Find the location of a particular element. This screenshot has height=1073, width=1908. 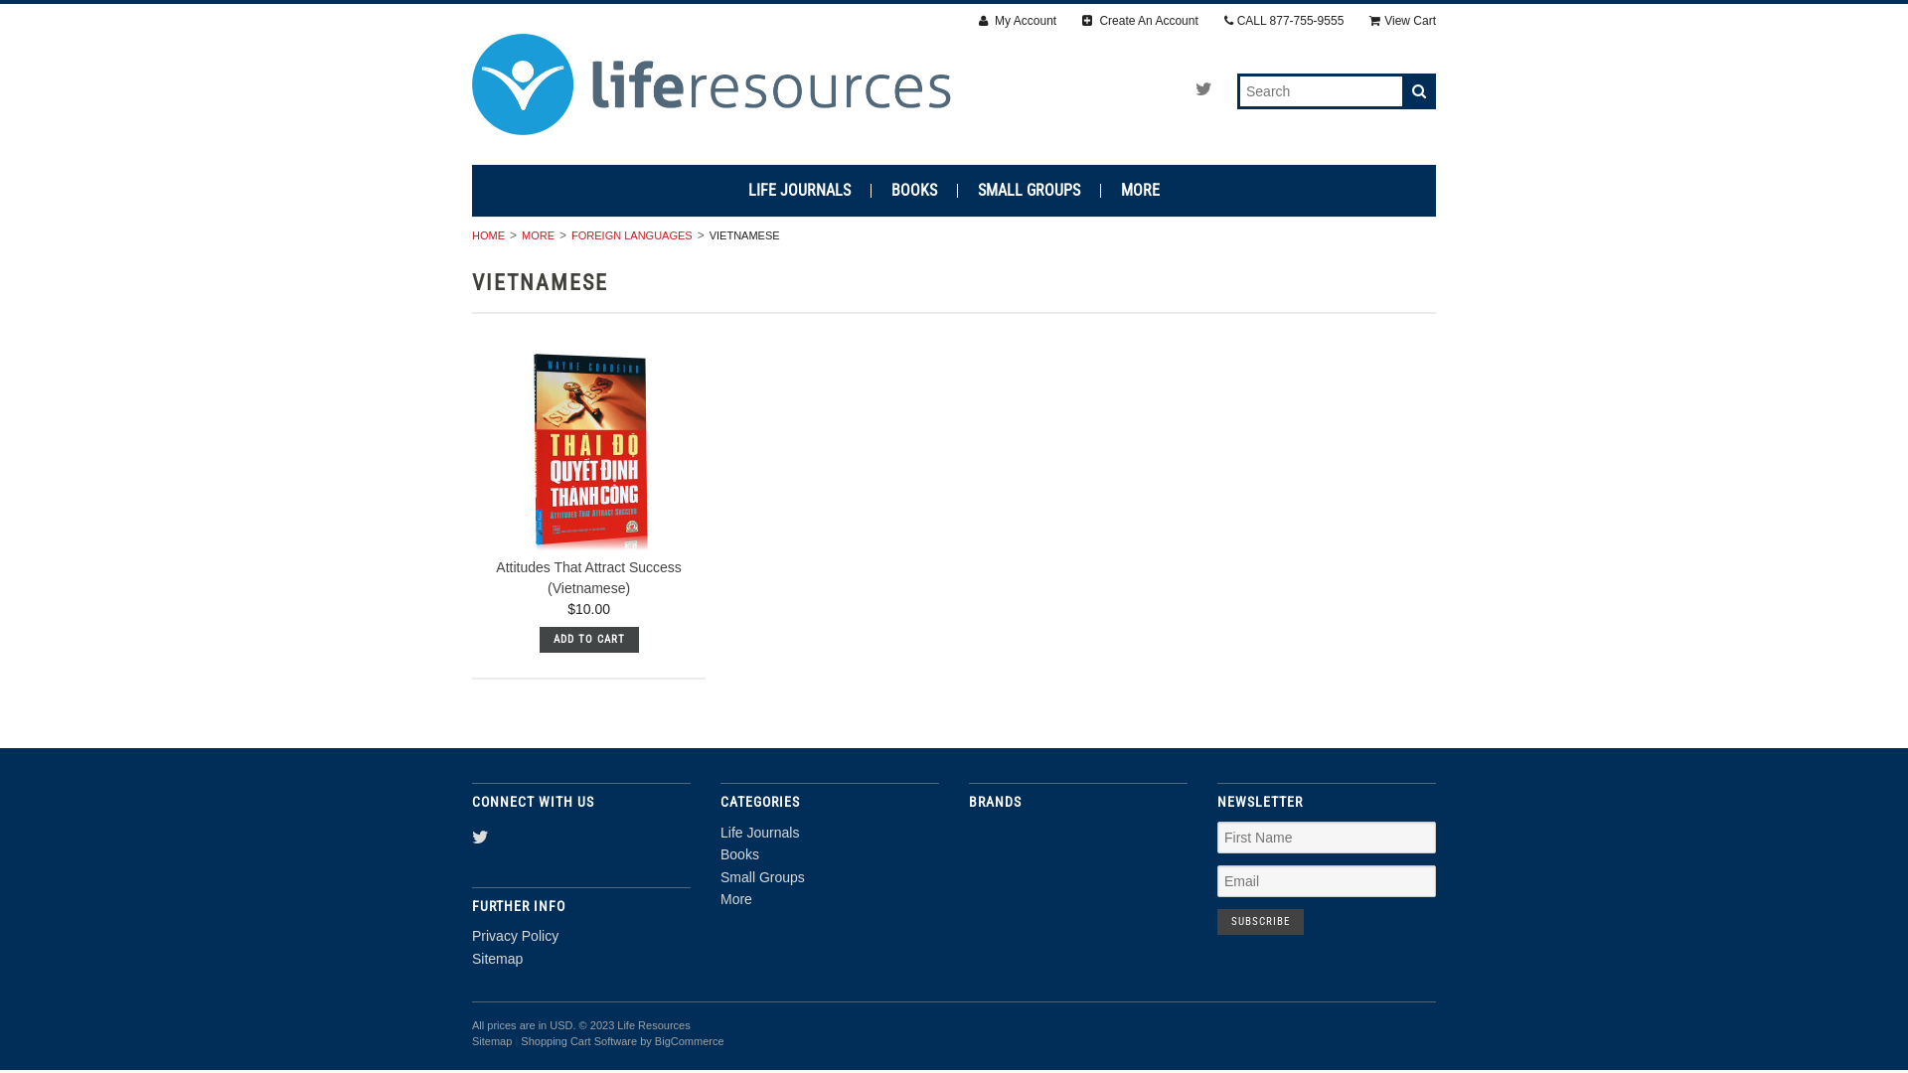

'MORE' is located at coordinates (535, 233).